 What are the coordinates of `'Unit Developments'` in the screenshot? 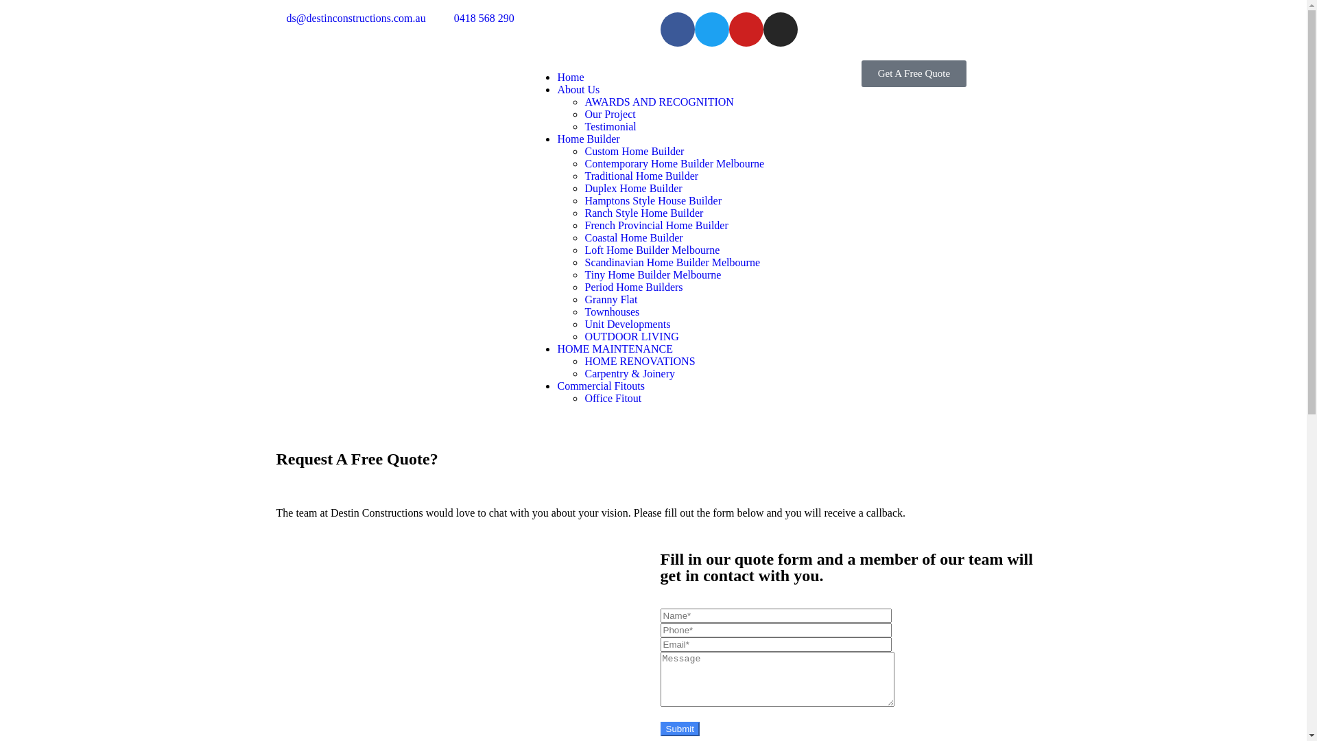 It's located at (626, 324).